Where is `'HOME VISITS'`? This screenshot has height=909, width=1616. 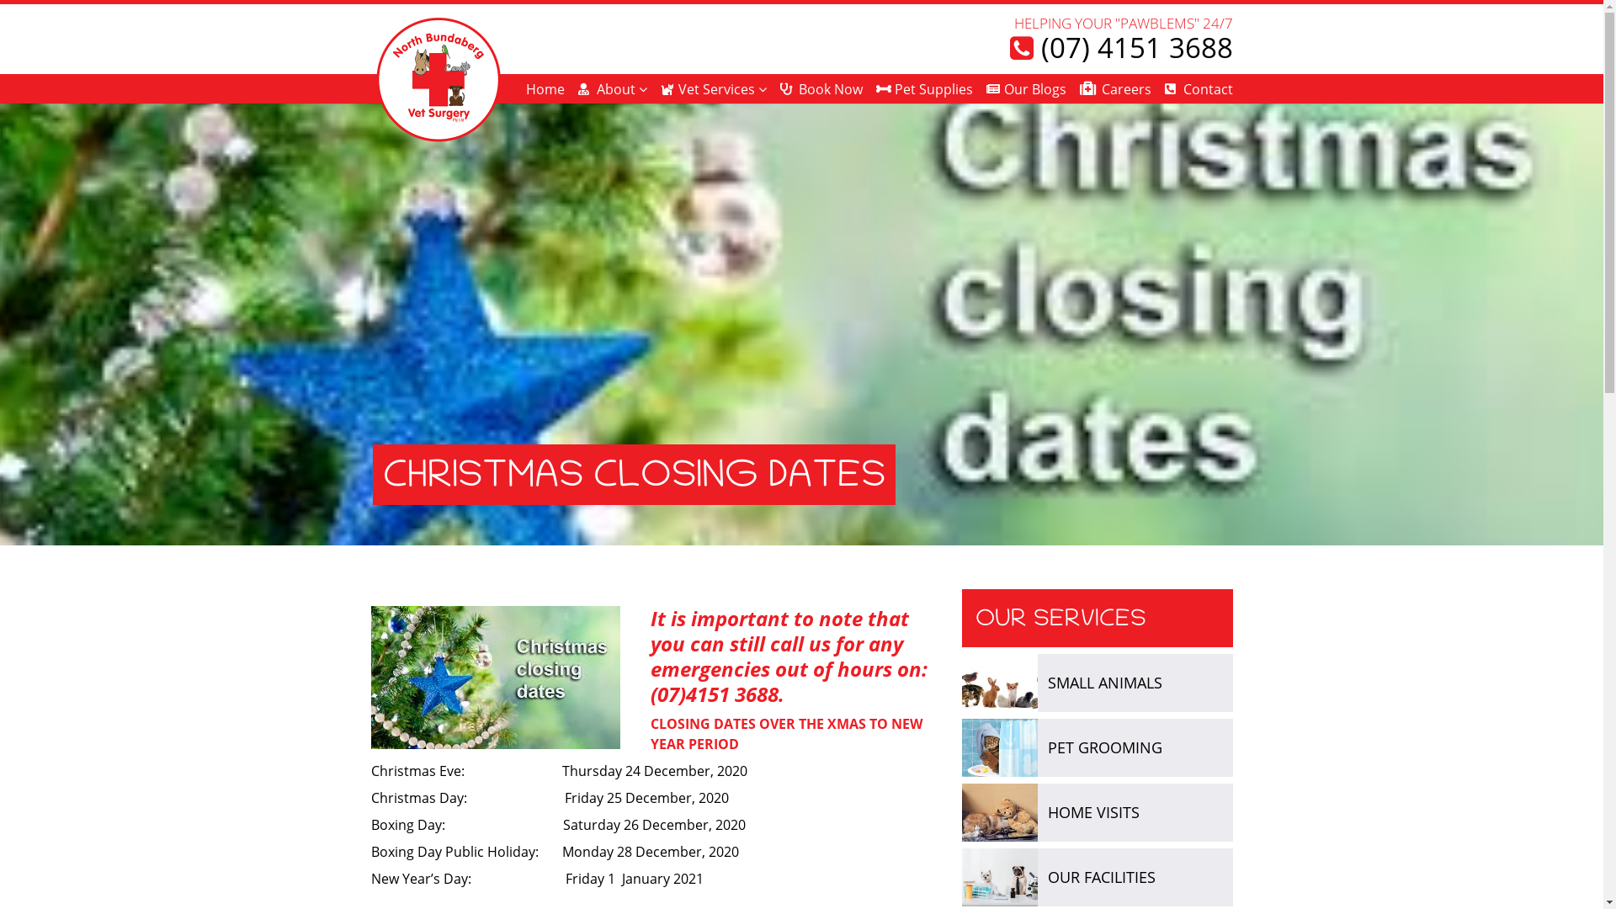
'HOME VISITS' is located at coordinates (1093, 811).